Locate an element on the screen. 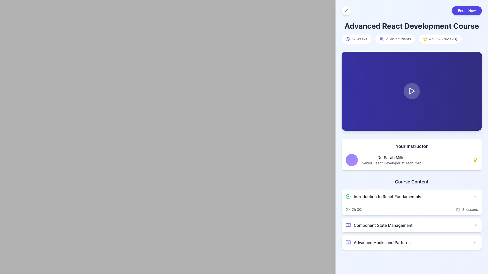 This screenshot has width=488, height=274. the time indicator icon located to the left of the time text '2h 30m' in the 'Introduction to React Fundamentals' section of the 'Course Content' area is located at coordinates (347, 209).